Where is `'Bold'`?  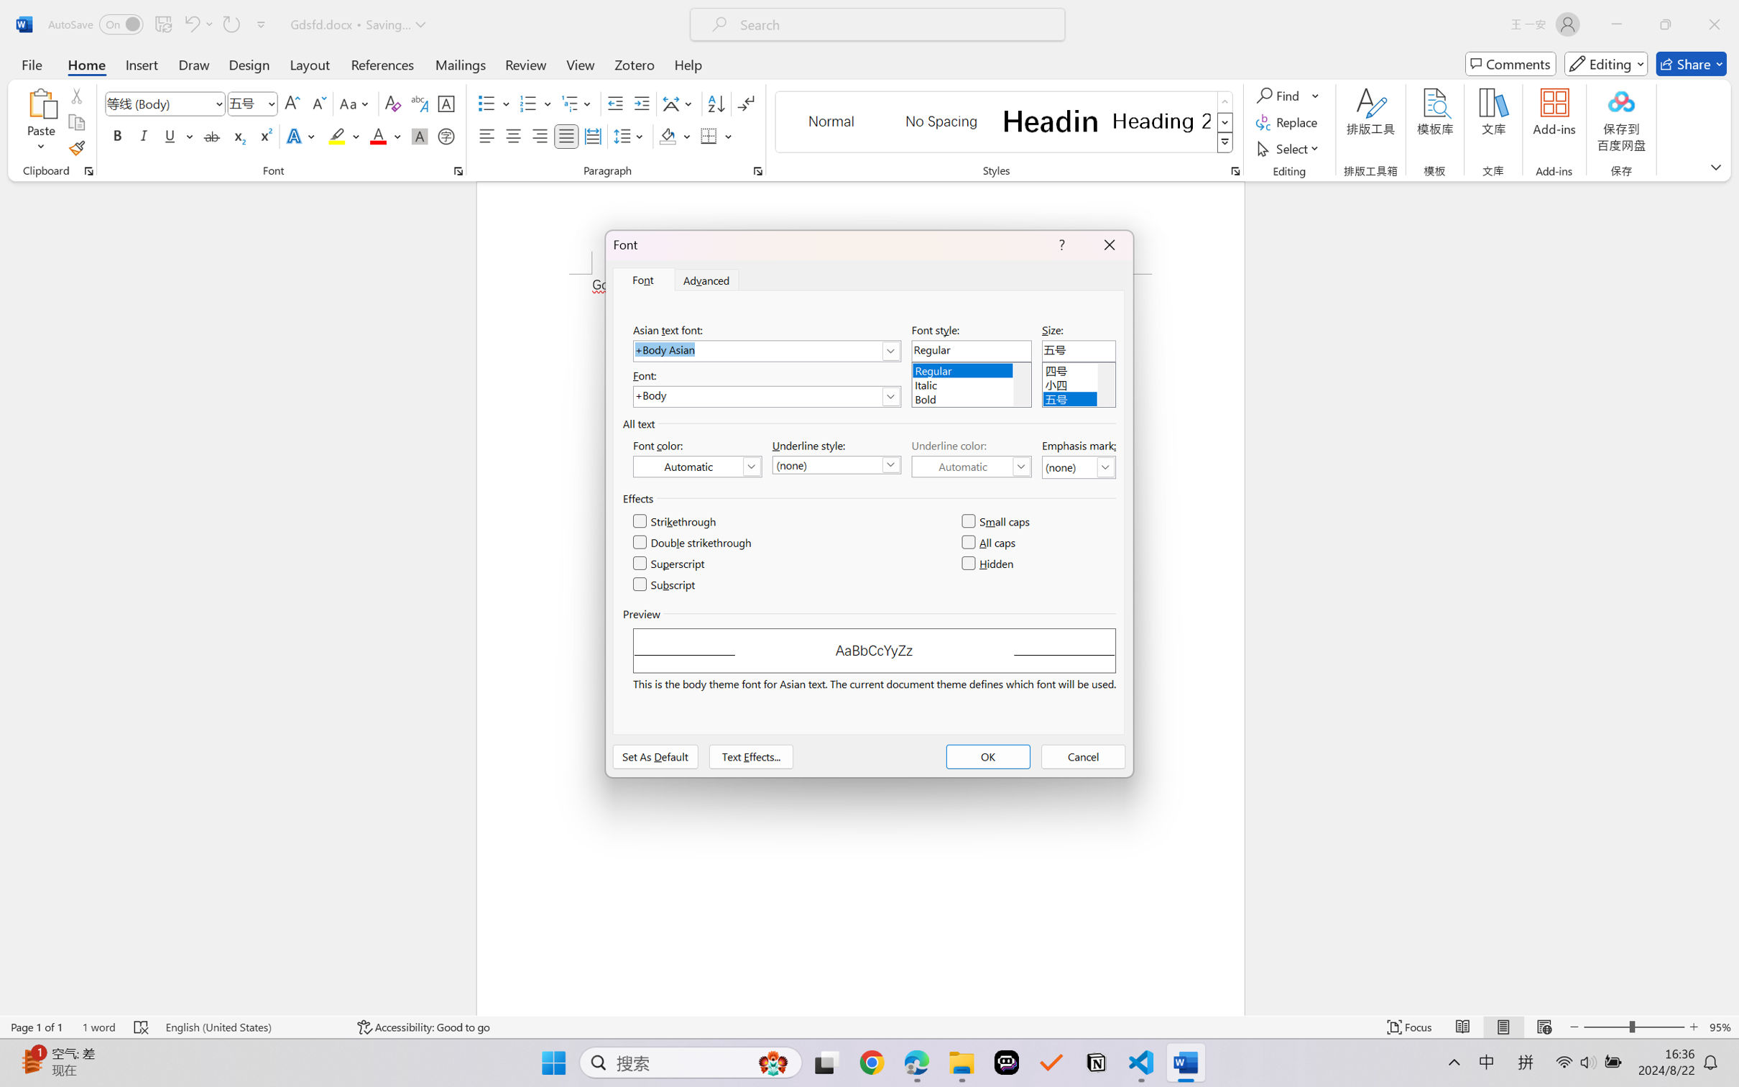
'Bold' is located at coordinates (970, 397).